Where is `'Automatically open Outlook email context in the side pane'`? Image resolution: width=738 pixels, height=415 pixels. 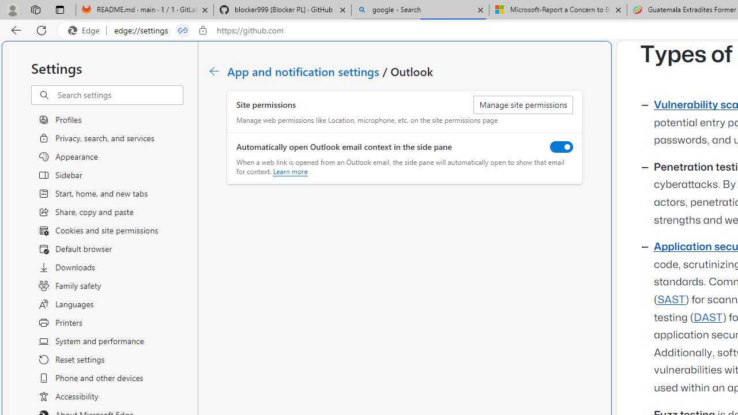 'Automatically open Outlook email context in the side pane' is located at coordinates (562, 146).